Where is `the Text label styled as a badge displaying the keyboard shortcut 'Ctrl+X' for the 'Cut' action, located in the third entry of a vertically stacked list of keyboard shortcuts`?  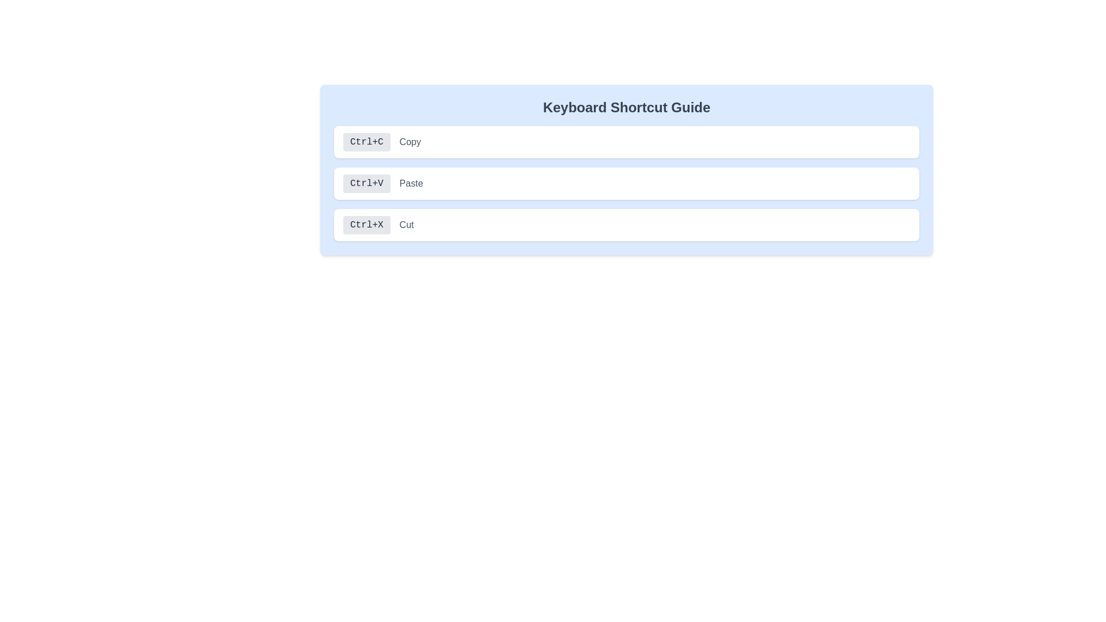
the Text label styled as a badge displaying the keyboard shortcut 'Ctrl+X' for the 'Cut' action, located in the third entry of a vertically stacked list of keyboard shortcuts is located at coordinates (366, 225).